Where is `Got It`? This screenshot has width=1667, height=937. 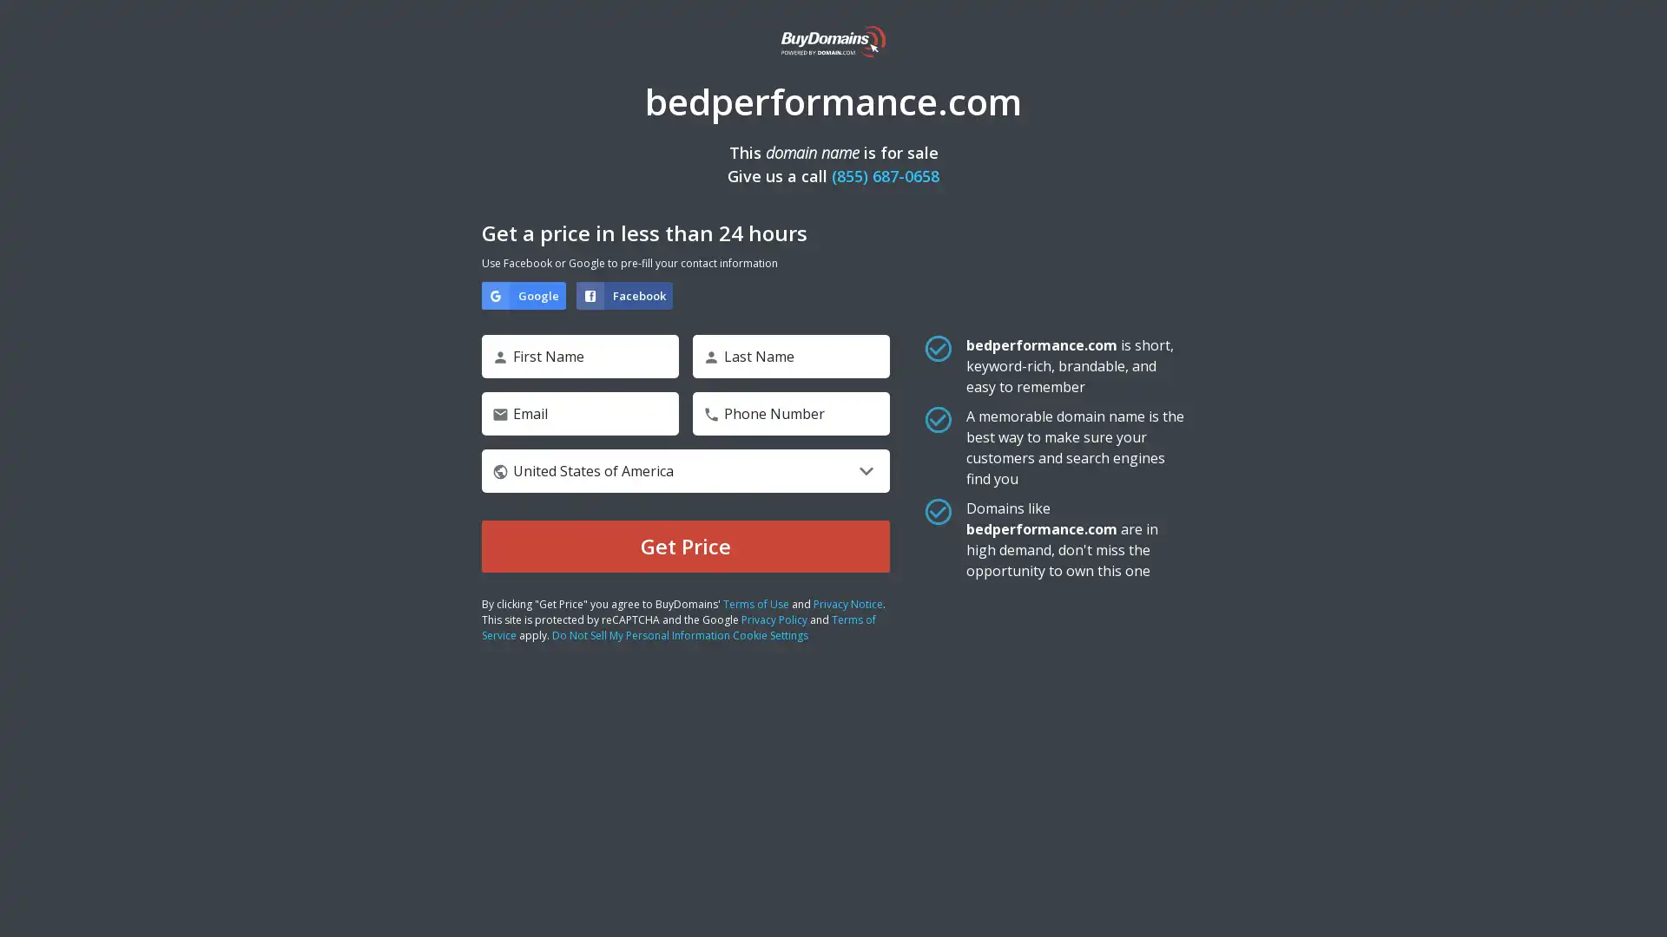
Got It is located at coordinates (176, 822).